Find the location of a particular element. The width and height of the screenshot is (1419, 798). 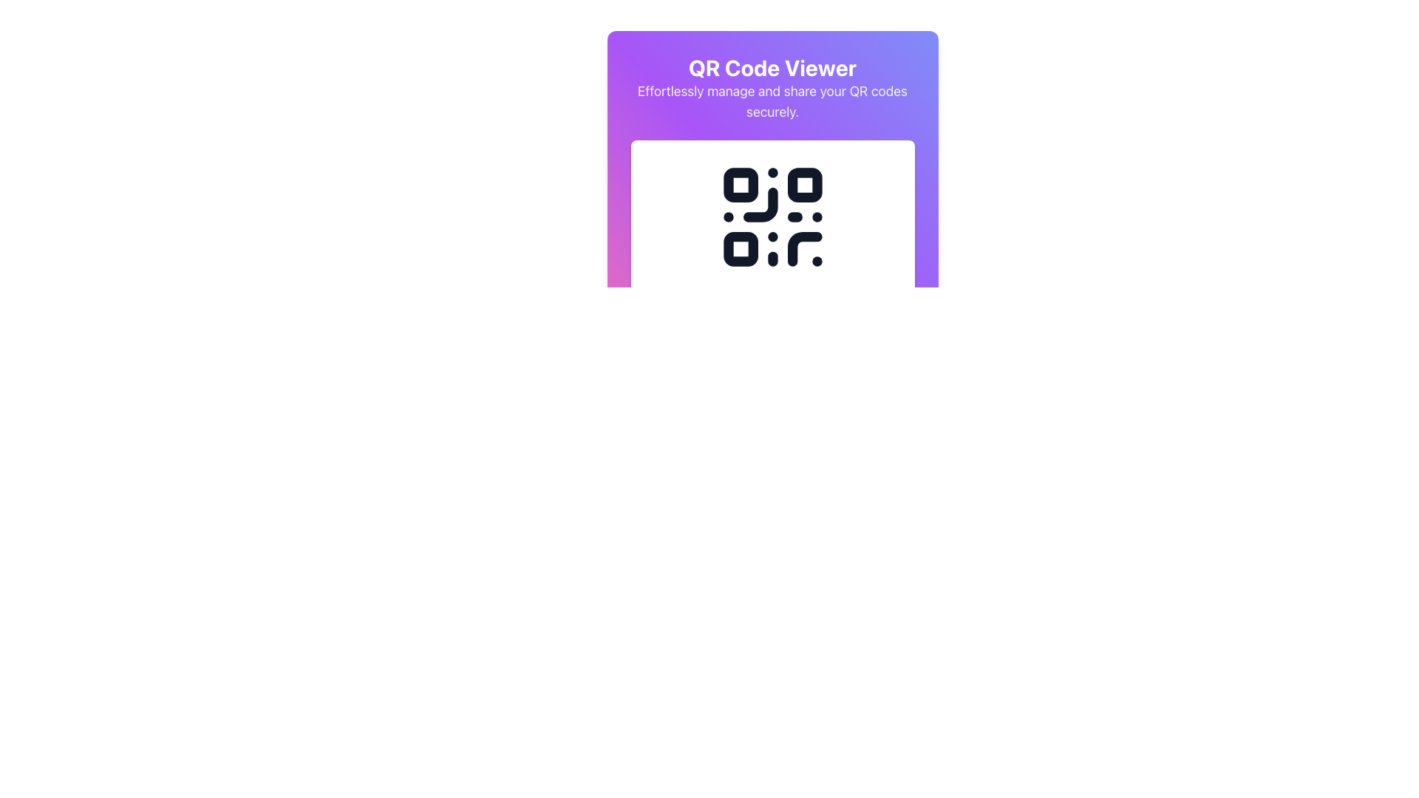

the text label that reads 'Effortlessly manage and share your QR codes securely.' styled with light gray color on a gradient purple background, located below the header 'QR Code Viewer' is located at coordinates (772, 101).